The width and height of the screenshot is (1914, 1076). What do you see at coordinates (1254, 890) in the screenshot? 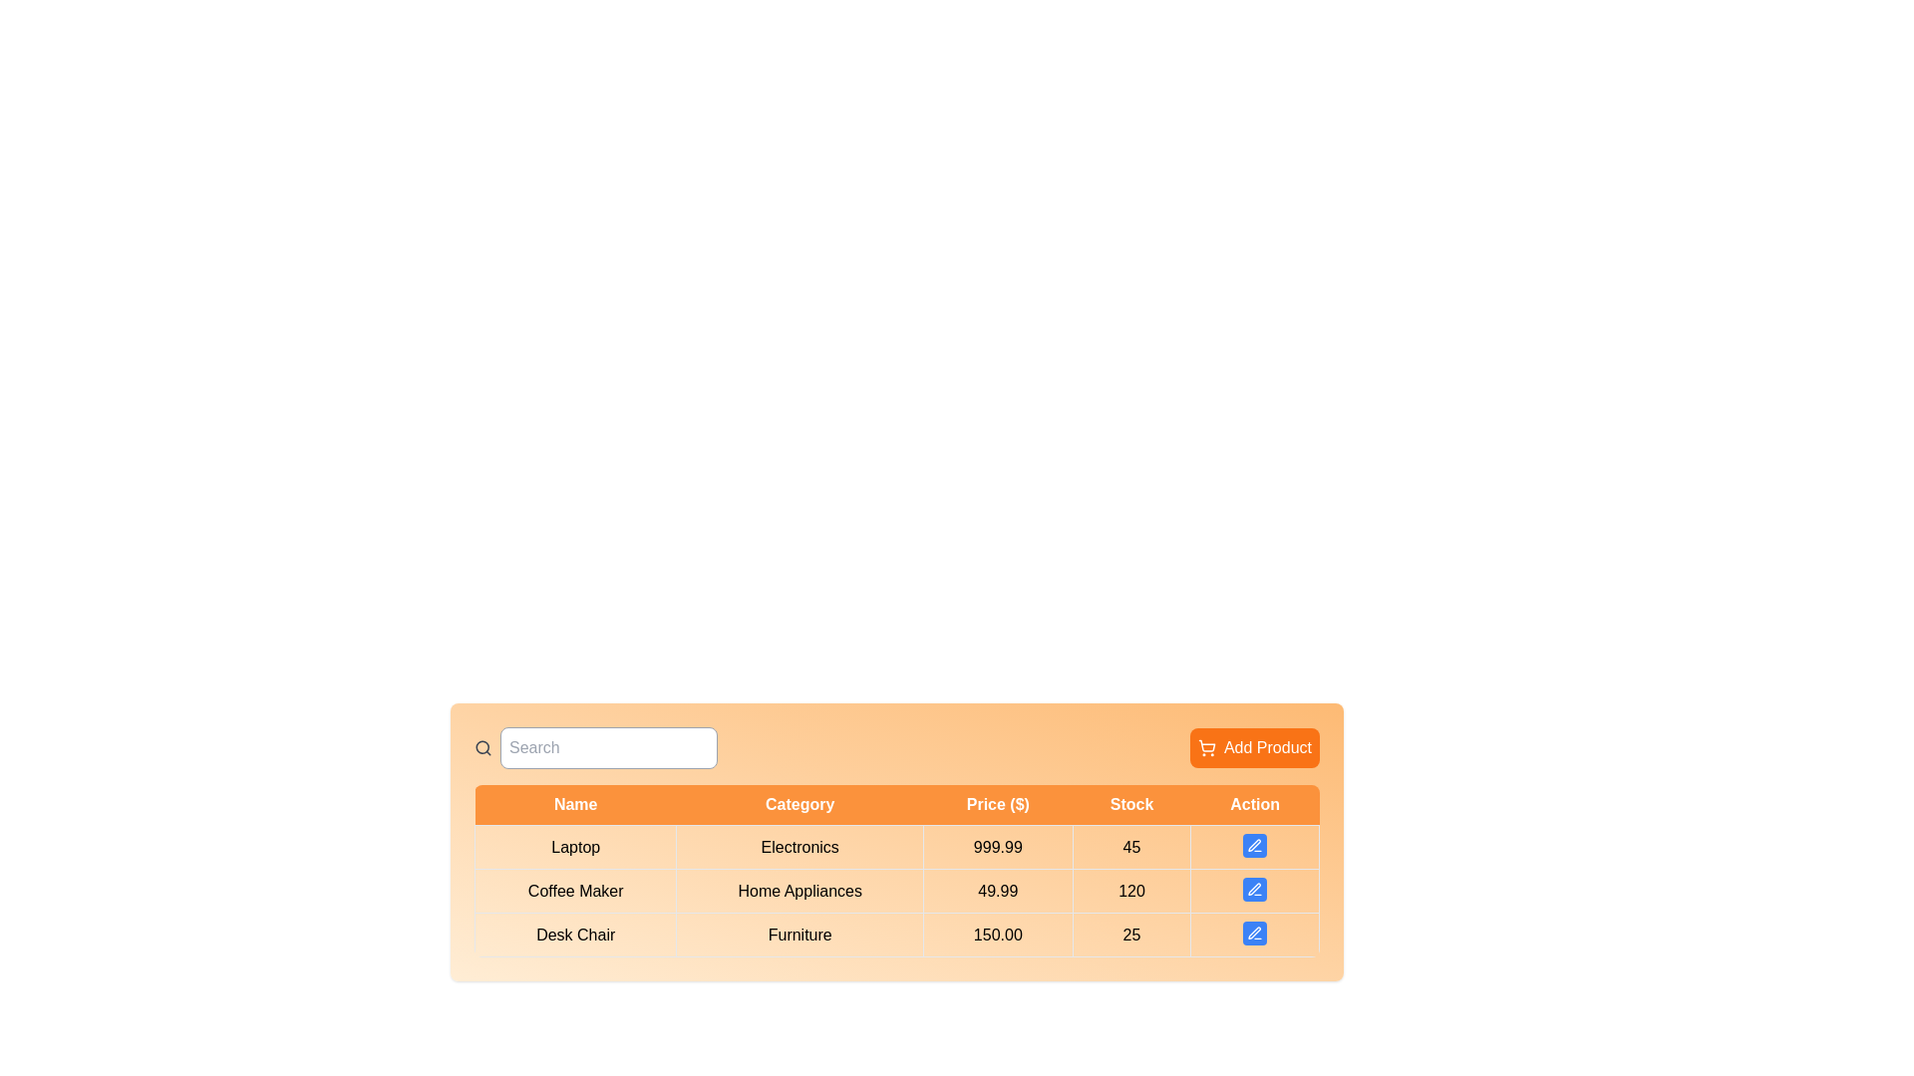
I see `the button located in the bottom-right cell of the second row in the 'Action' column` at bounding box center [1254, 890].